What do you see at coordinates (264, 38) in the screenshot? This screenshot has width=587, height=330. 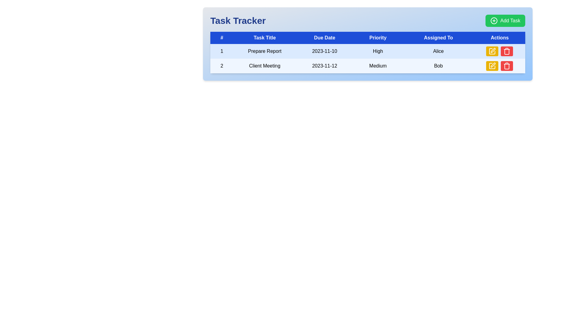 I see `the 'Task Title' column header in the table, which is the second header positioned between '#' and 'Due Date'` at bounding box center [264, 38].